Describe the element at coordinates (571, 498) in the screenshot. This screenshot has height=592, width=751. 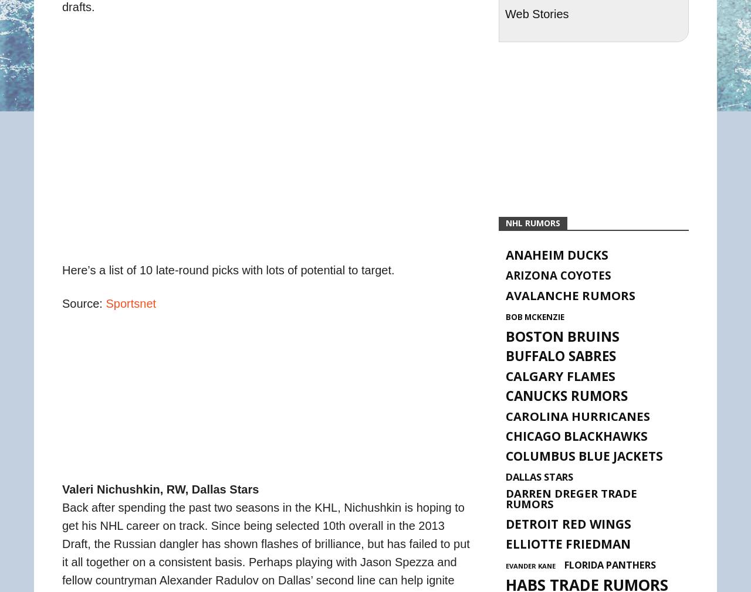
I see `'Darren Dreger Trade Rumors'` at that location.